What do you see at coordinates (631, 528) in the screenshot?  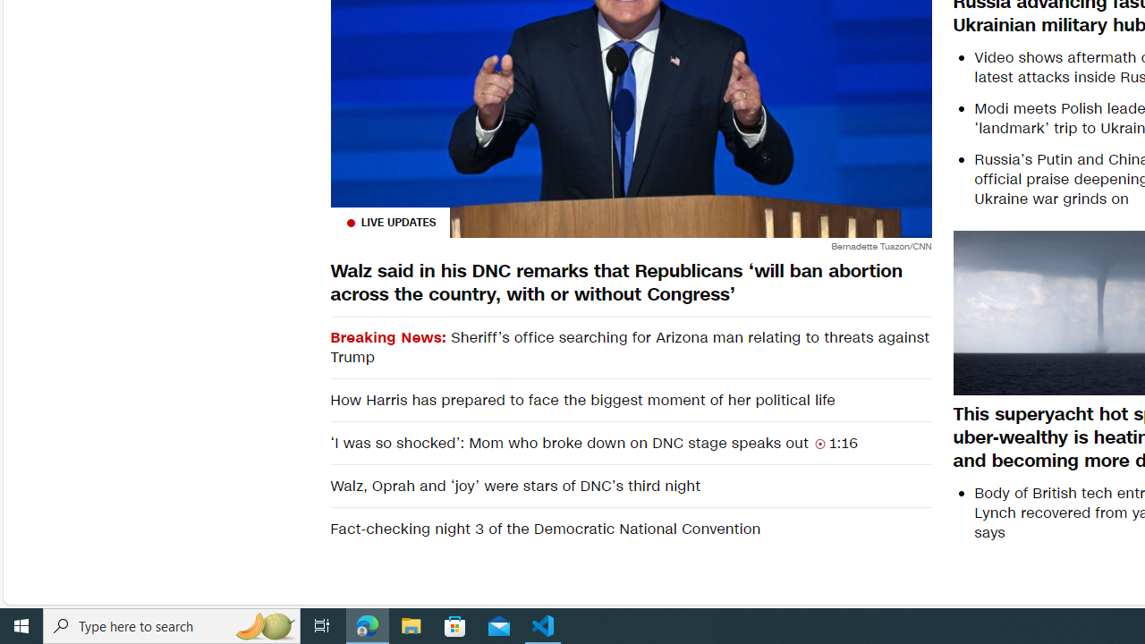 I see `'Fact-checking night 3 of the Democratic National Convention'` at bounding box center [631, 528].